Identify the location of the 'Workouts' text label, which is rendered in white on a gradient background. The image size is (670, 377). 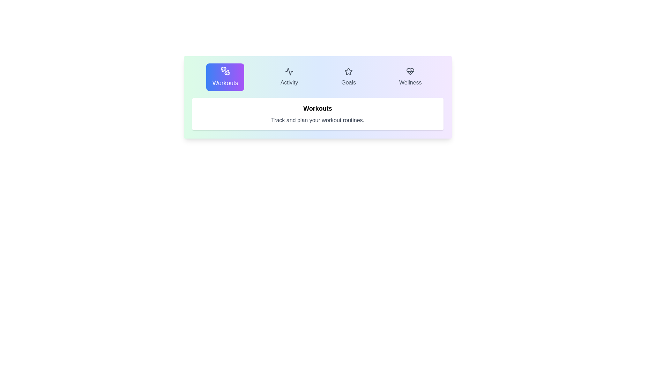
(225, 83).